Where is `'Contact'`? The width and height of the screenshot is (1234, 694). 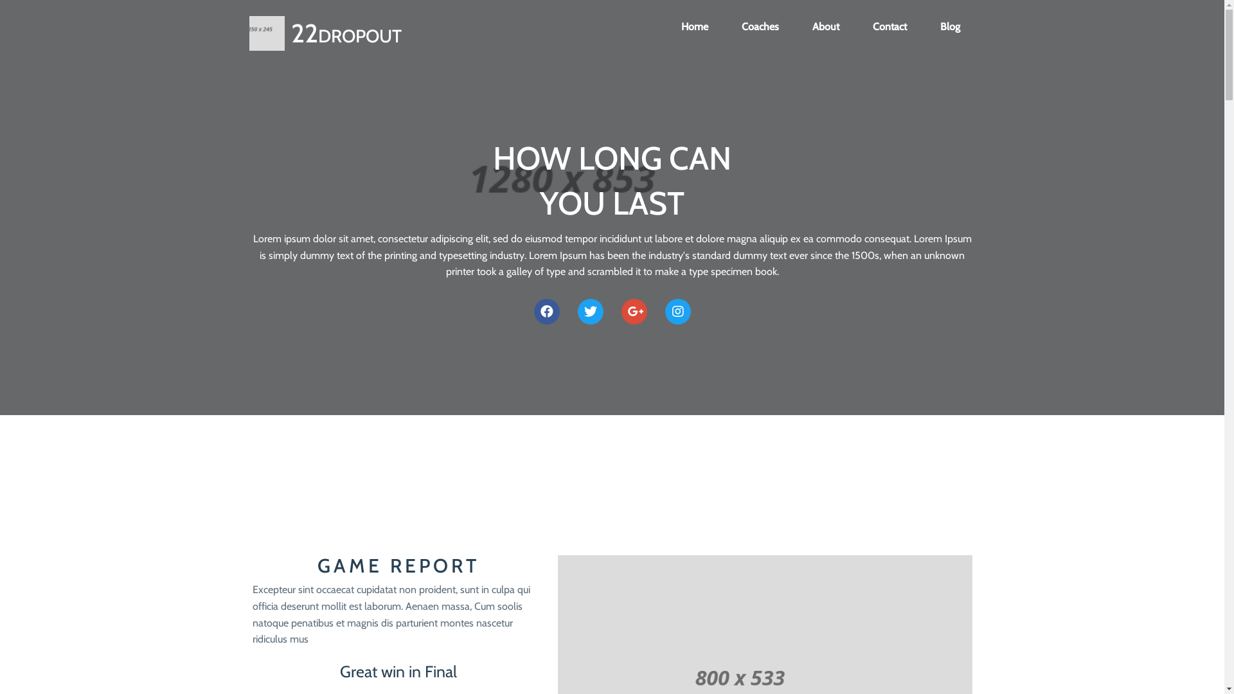
'Contact' is located at coordinates (889, 27).